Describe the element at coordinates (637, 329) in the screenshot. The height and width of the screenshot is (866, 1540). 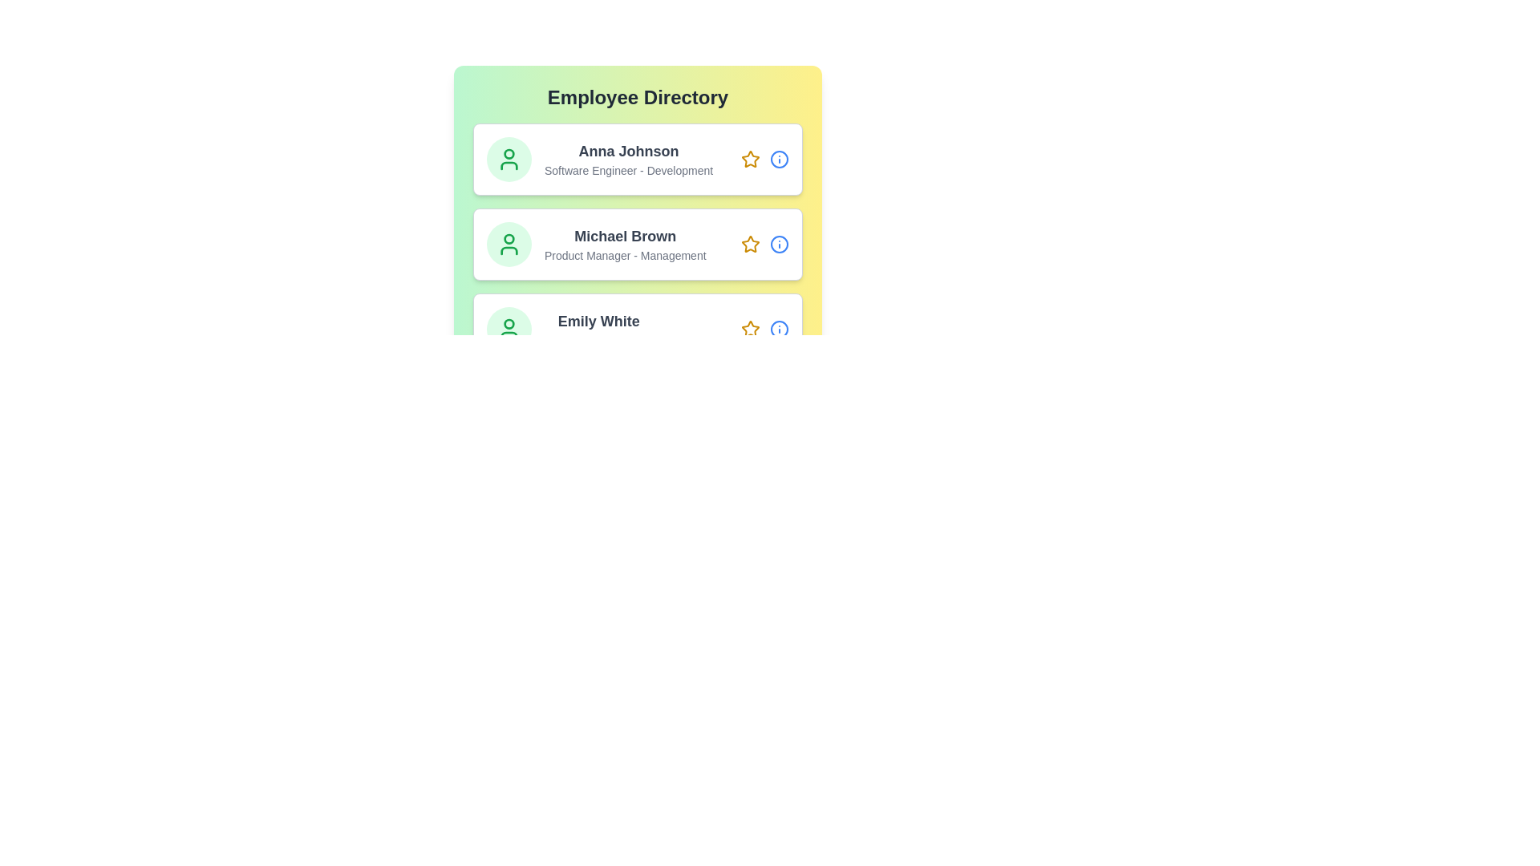
I see `the employee card for Emily White` at that location.